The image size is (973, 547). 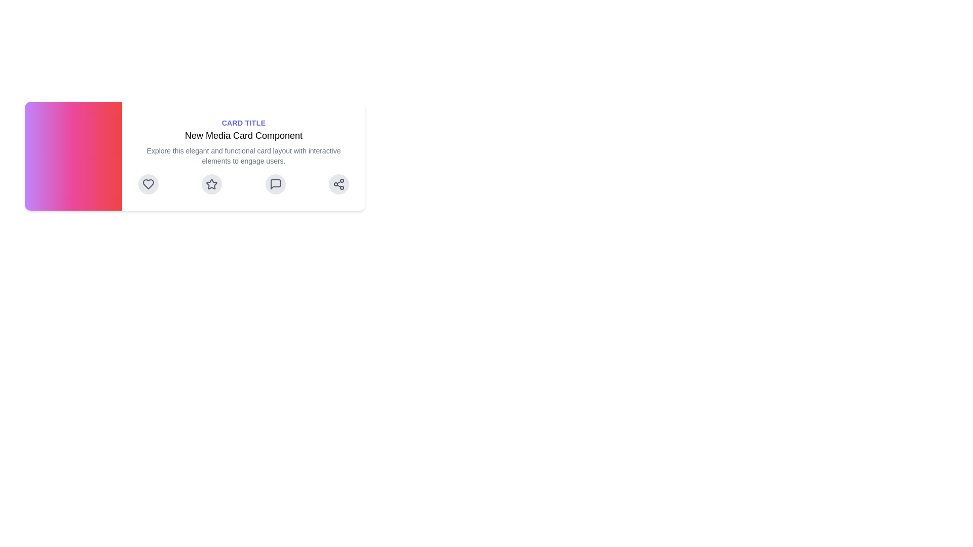 What do you see at coordinates (147, 184) in the screenshot?
I see `the circular button with a light gray background and a heart icon, which is the first button in a horizontal set of four buttons at the bottom left of the card layout` at bounding box center [147, 184].